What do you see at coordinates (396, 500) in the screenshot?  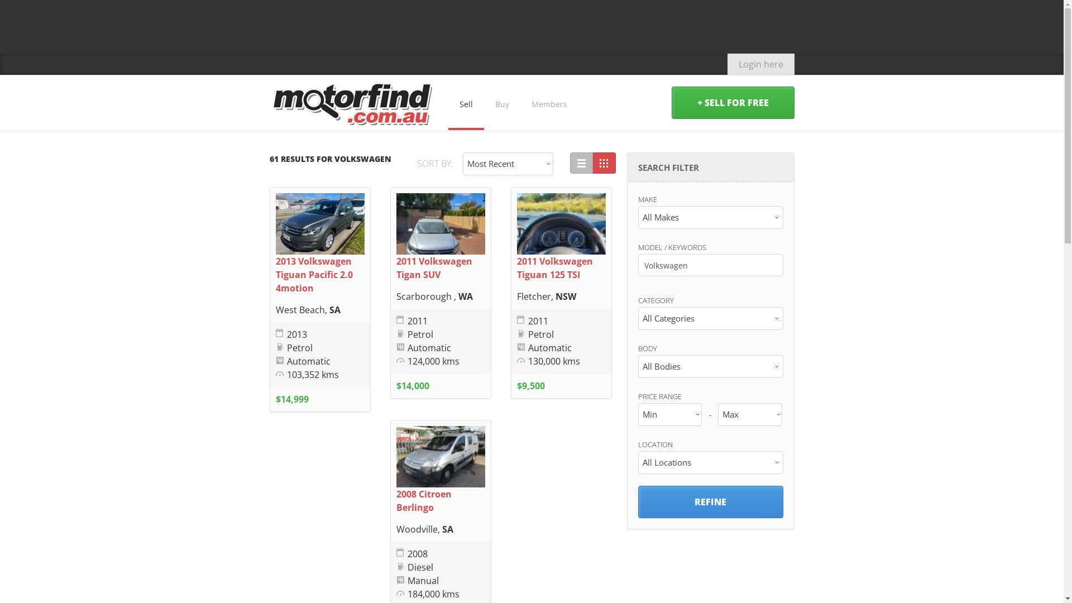 I see `'2008 Citroen Berlingo'` at bounding box center [396, 500].